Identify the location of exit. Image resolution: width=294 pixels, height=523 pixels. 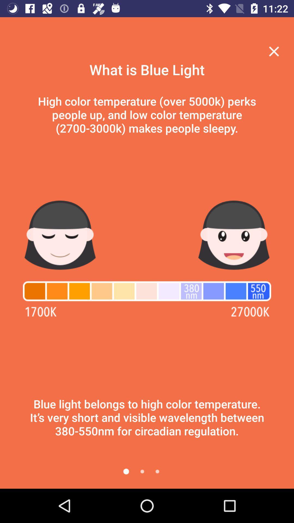
(274, 51).